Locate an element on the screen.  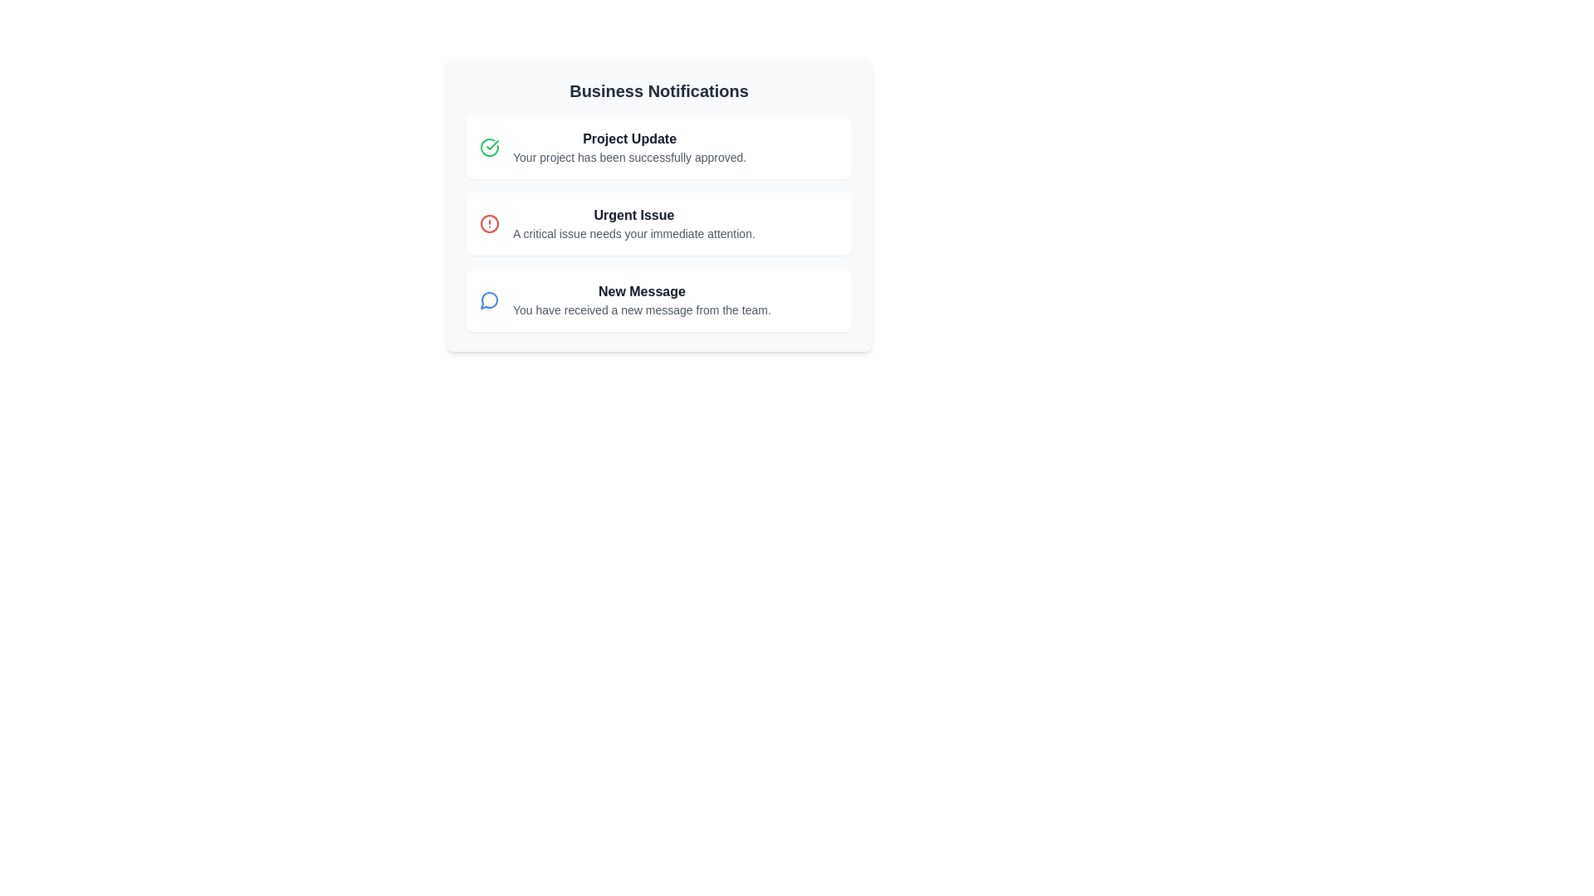
the blue chat bubble icon located in the 'New Message' notification box, which is the third notification in the list is located at coordinates (489, 300).